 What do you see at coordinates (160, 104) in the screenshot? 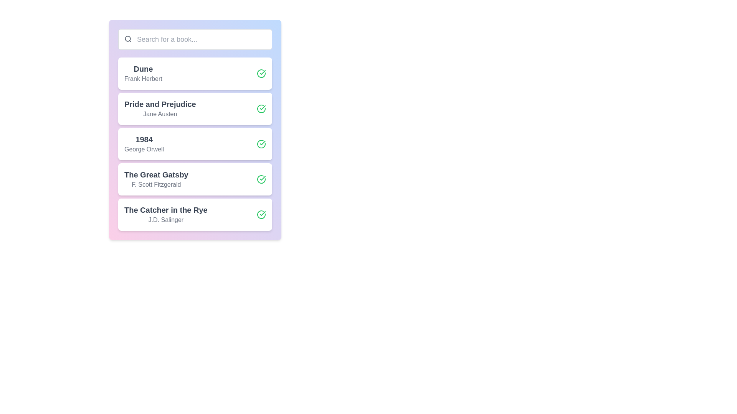
I see `the text label displaying 'Pride and Prejudice' in bold, extra-large dark gray font, positioned above 'Jane Austen' within its card` at bounding box center [160, 104].